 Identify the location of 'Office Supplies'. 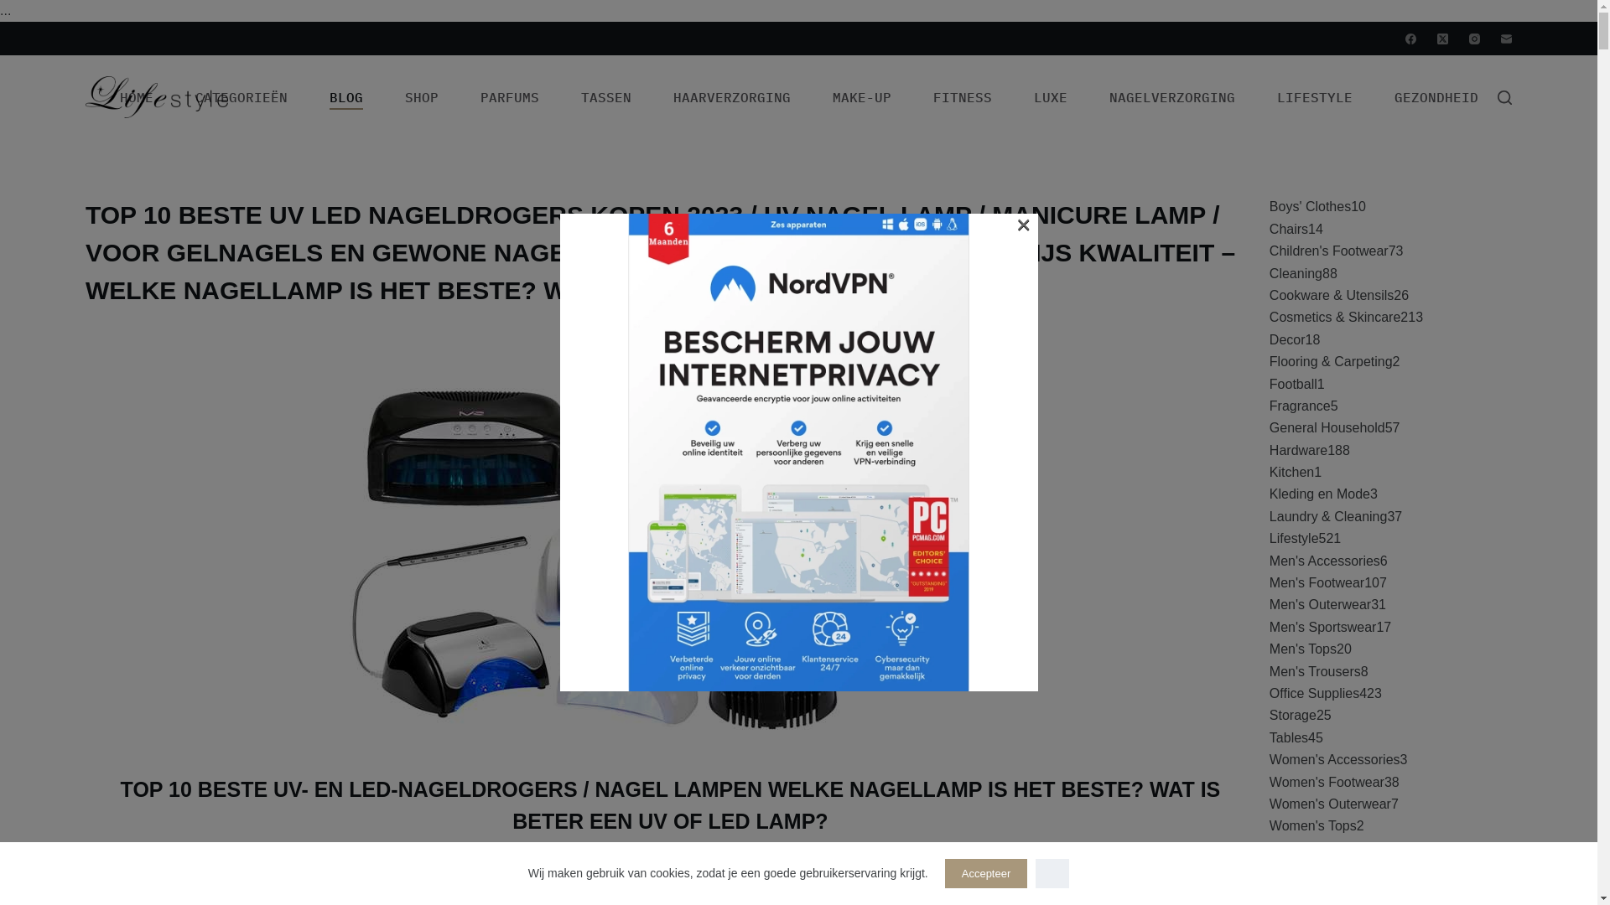
(1269, 693).